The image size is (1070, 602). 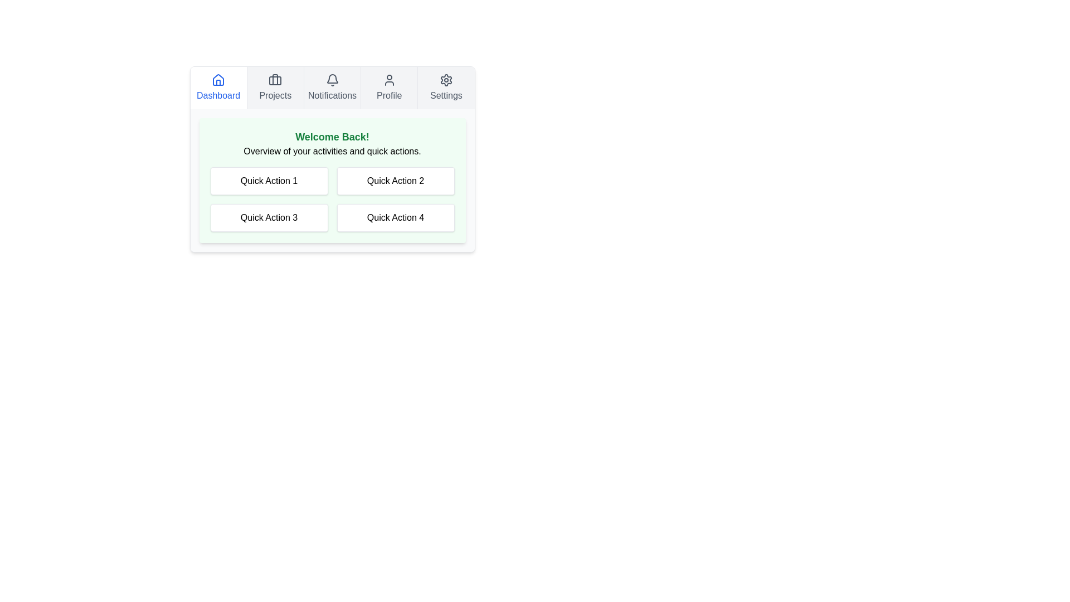 I want to click on the rectangular base of the 'Briefcase' icon located in the navigation header bar, which is positioned second from the left, to visually indicate the 'Projects' section, so click(x=275, y=80).